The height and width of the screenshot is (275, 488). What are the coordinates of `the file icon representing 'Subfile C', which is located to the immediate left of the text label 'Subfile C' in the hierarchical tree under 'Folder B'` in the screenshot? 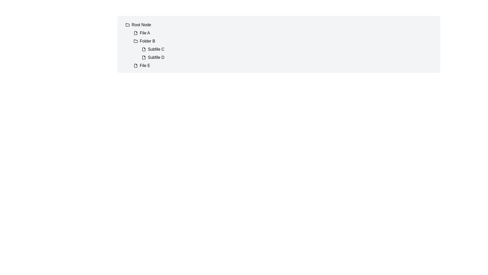 It's located at (144, 49).